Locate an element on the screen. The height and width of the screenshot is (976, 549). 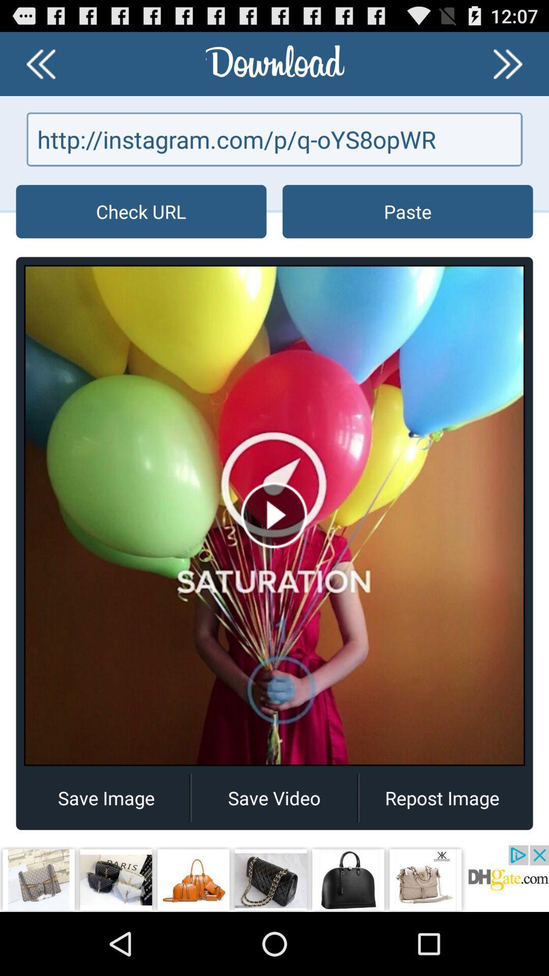
previous is located at coordinates (508, 63).